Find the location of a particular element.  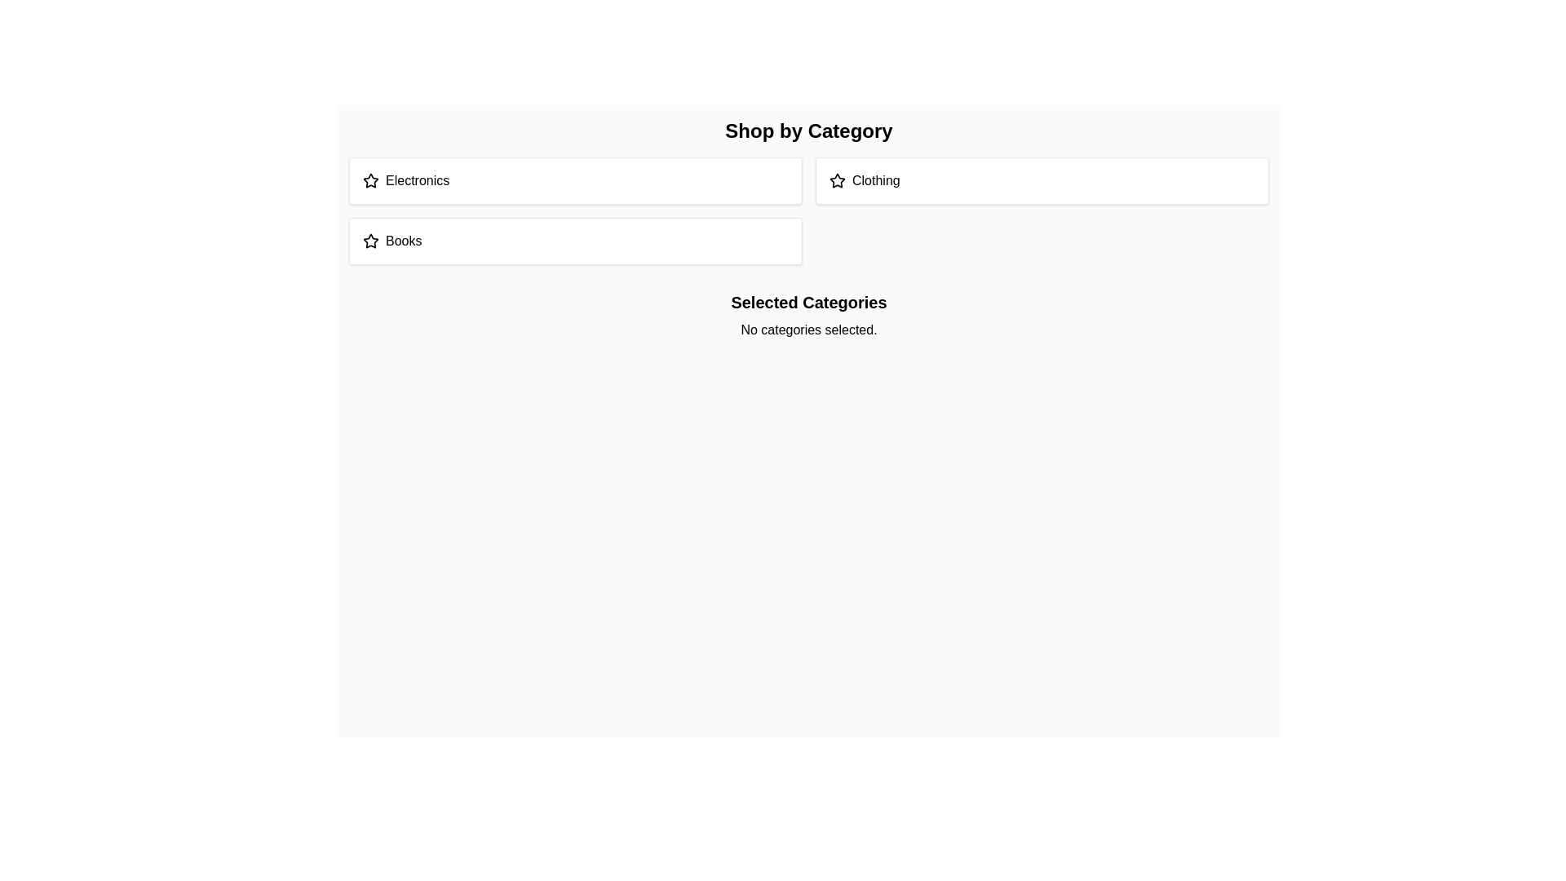

the 'Books' button using keyboard navigation is located at coordinates (575, 241).